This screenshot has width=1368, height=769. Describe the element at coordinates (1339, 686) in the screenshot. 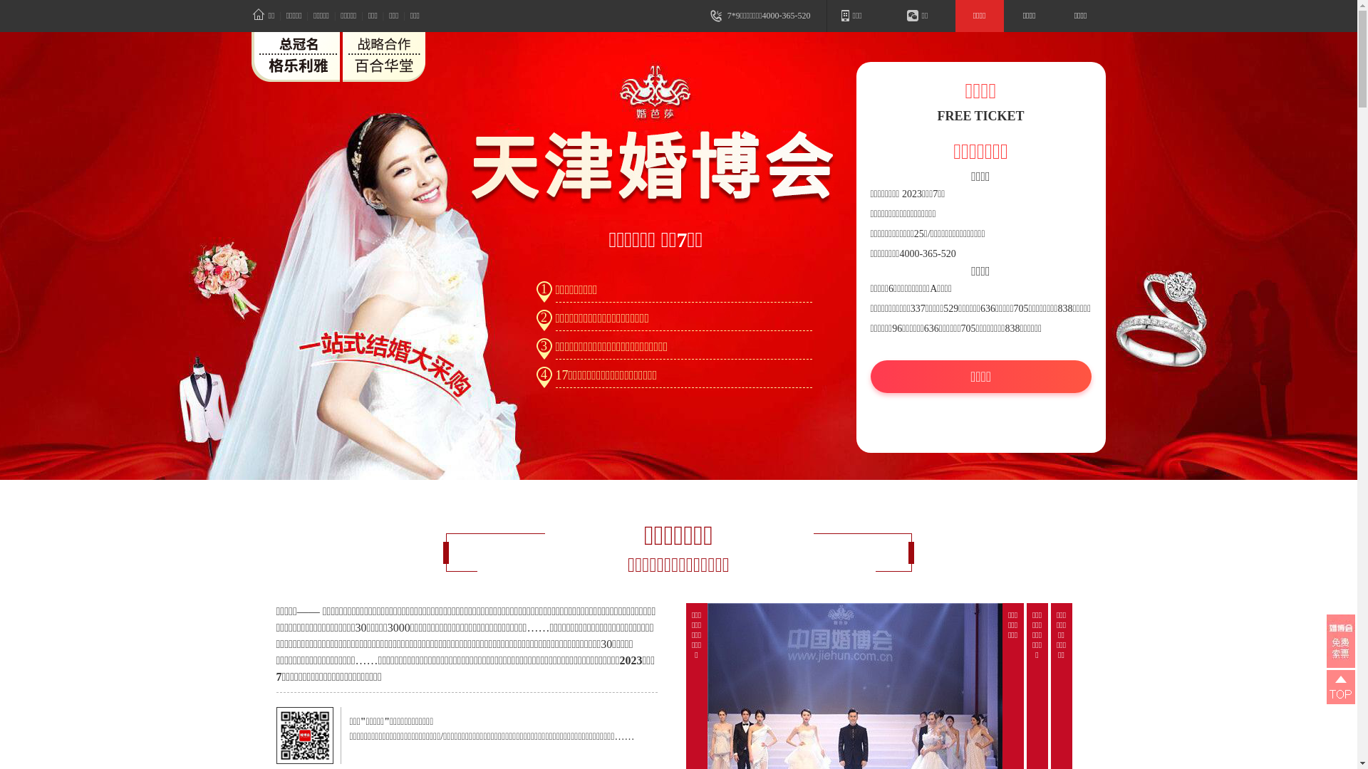

I see `'TOP'` at that location.